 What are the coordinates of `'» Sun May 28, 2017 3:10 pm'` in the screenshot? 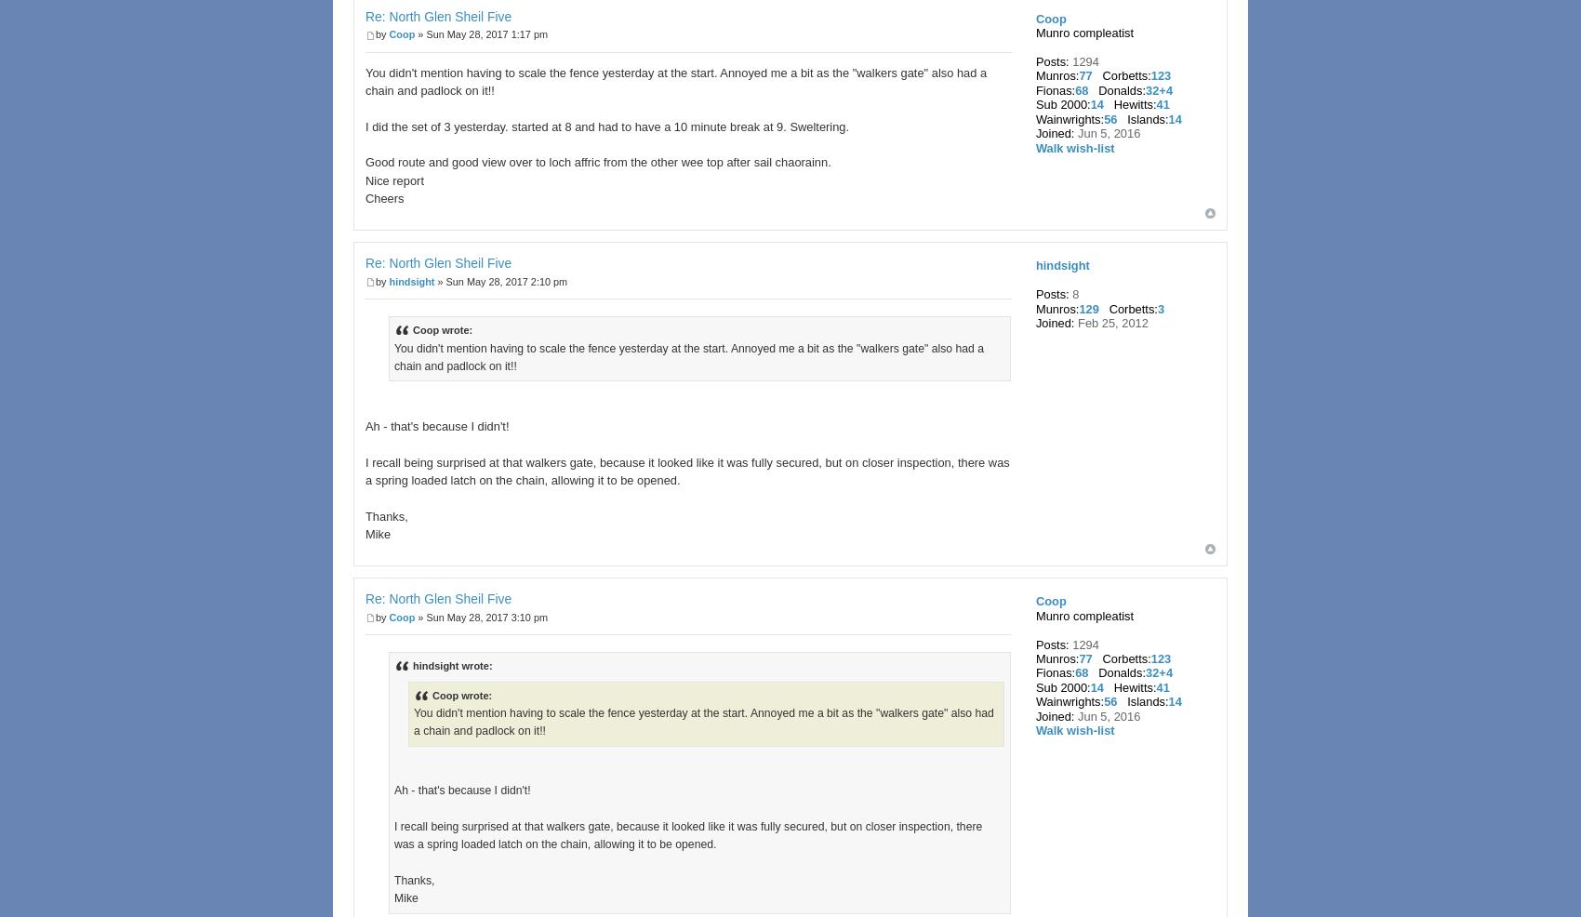 It's located at (481, 615).